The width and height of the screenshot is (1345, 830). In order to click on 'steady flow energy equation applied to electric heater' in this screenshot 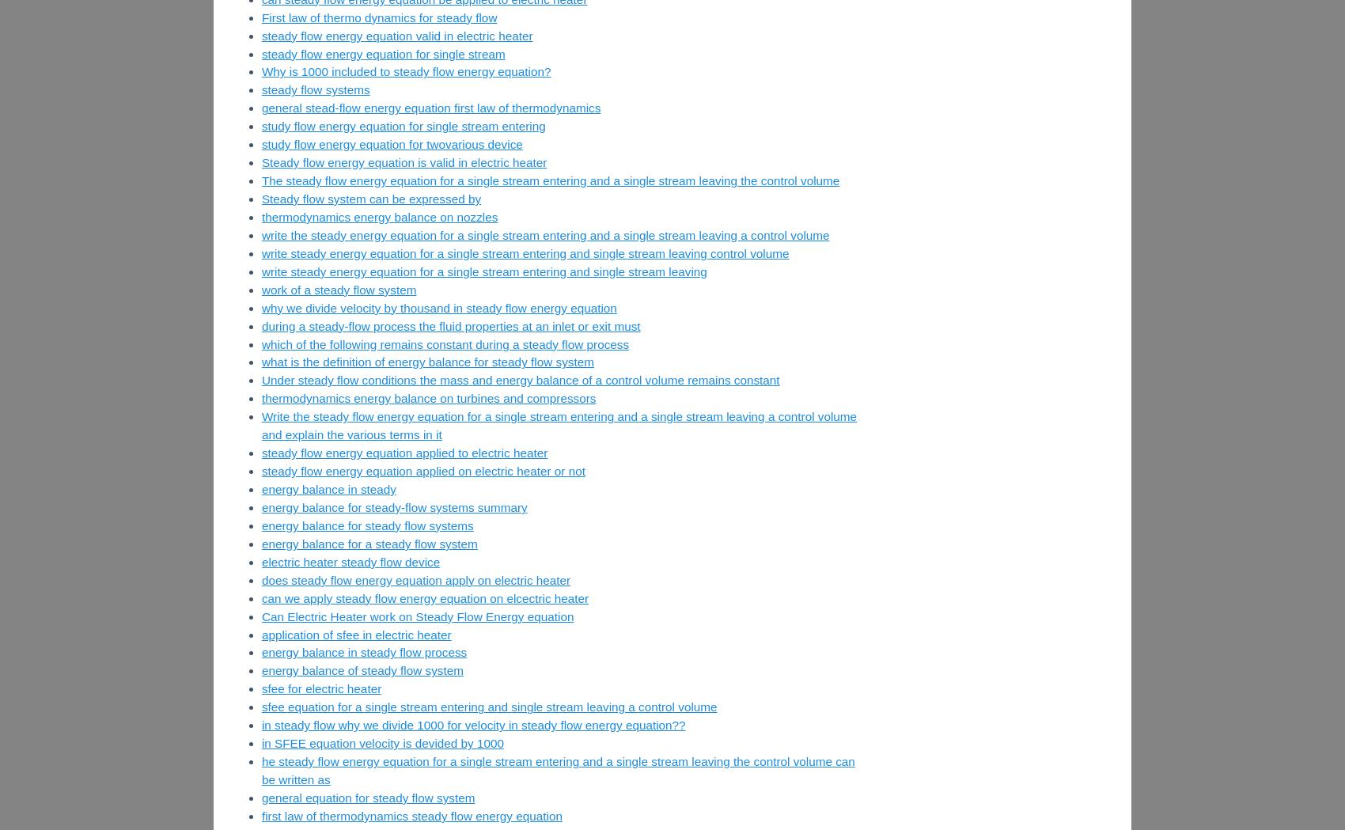, I will do `click(404, 452)`.